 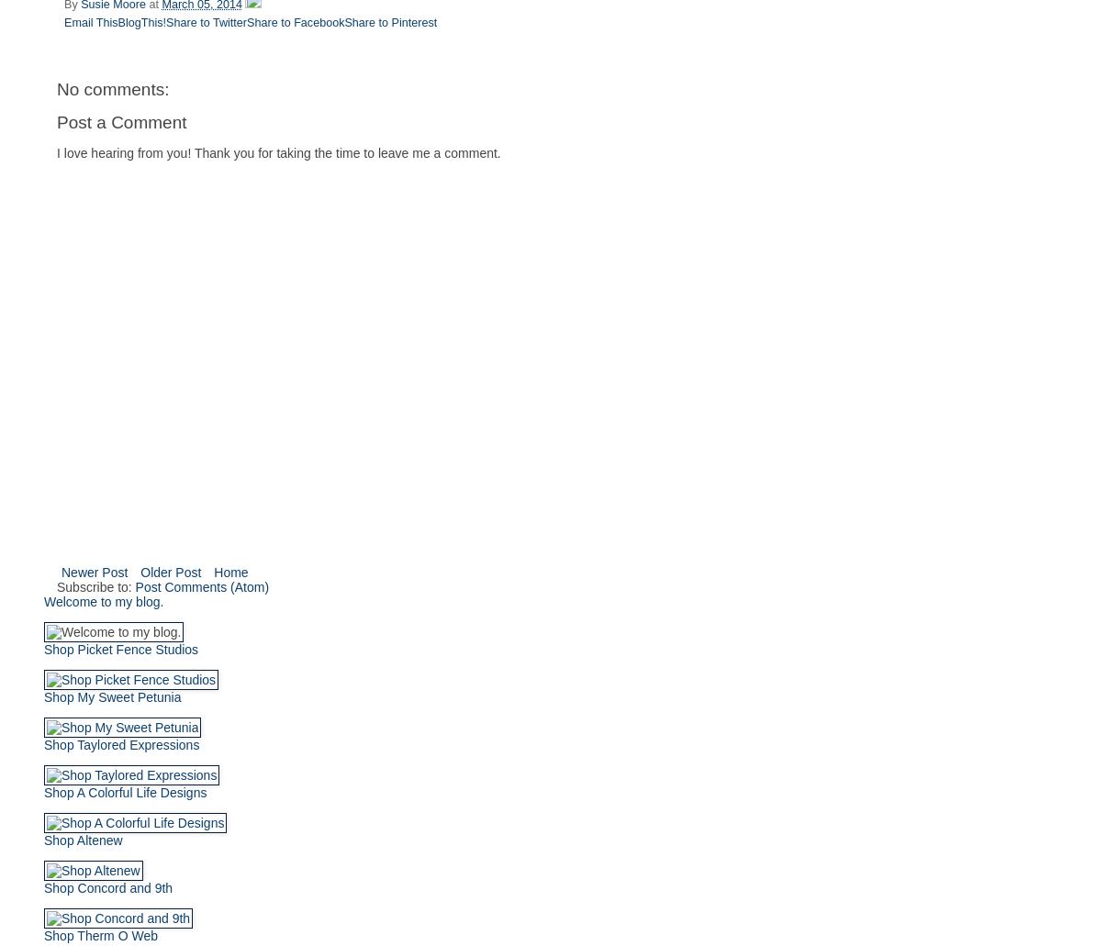 What do you see at coordinates (229, 572) in the screenshot?
I see `'Home'` at bounding box center [229, 572].